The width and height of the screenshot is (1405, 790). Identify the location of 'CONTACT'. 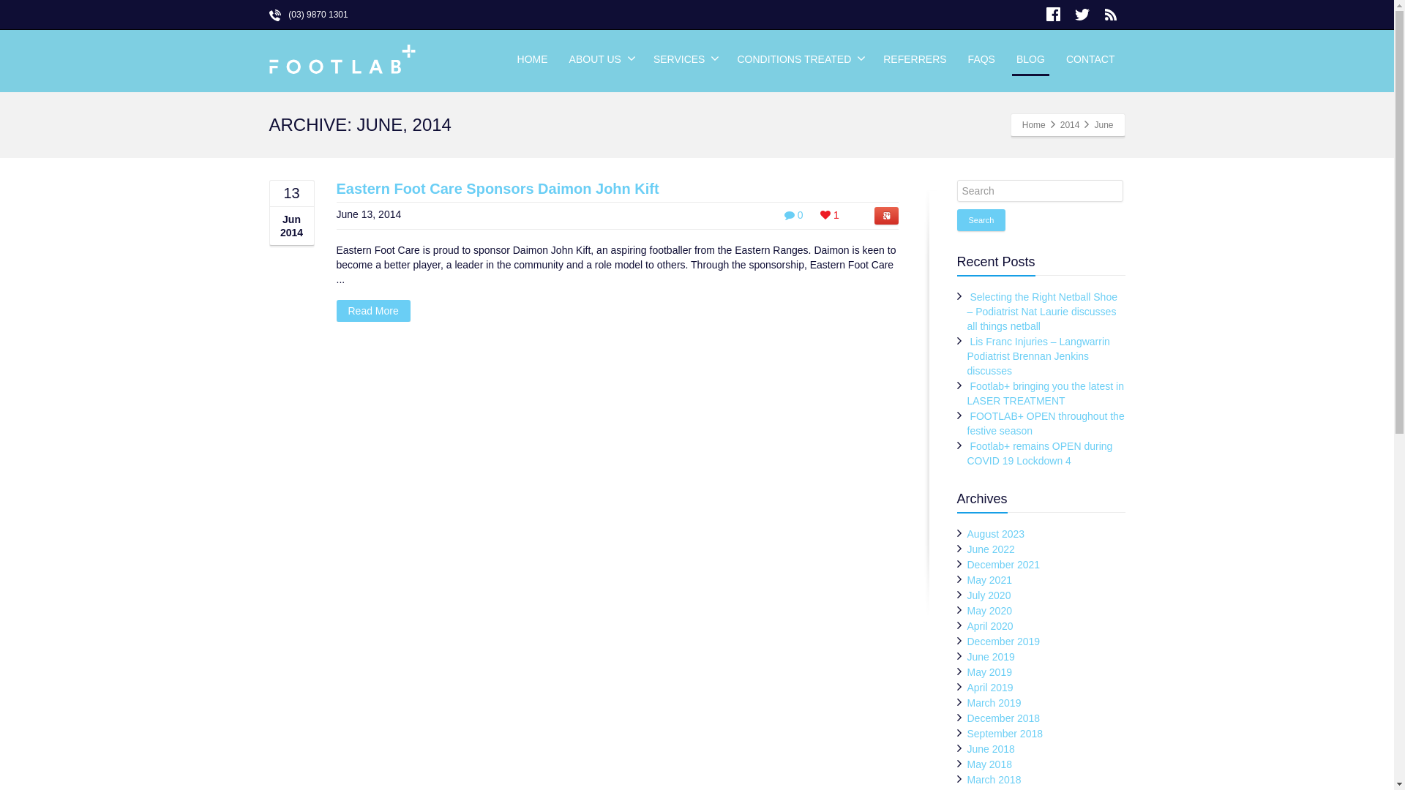
(1090, 59).